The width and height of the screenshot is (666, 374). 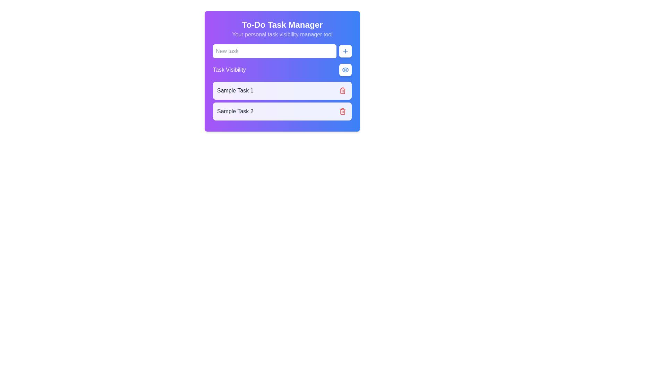 What do you see at coordinates (343, 111) in the screenshot?
I see `the delete icon button located at the far right of the 'Sample Task 2' section` at bounding box center [343, 111].